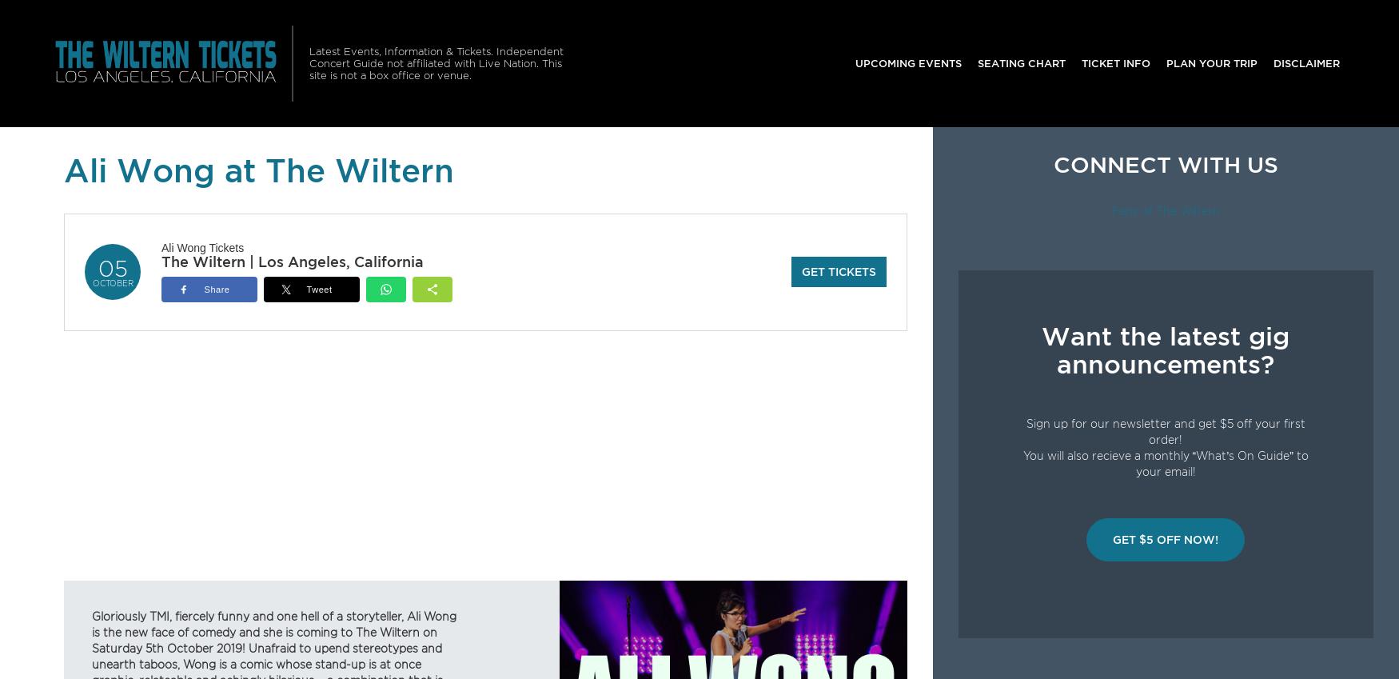 The image size is (1399, 679). What do you see at coordinates (1165, 431) in the screenshot?
I see `'Sign up for our newsletter and get $5 off your first order!'` at bounding box center [1165, 431].